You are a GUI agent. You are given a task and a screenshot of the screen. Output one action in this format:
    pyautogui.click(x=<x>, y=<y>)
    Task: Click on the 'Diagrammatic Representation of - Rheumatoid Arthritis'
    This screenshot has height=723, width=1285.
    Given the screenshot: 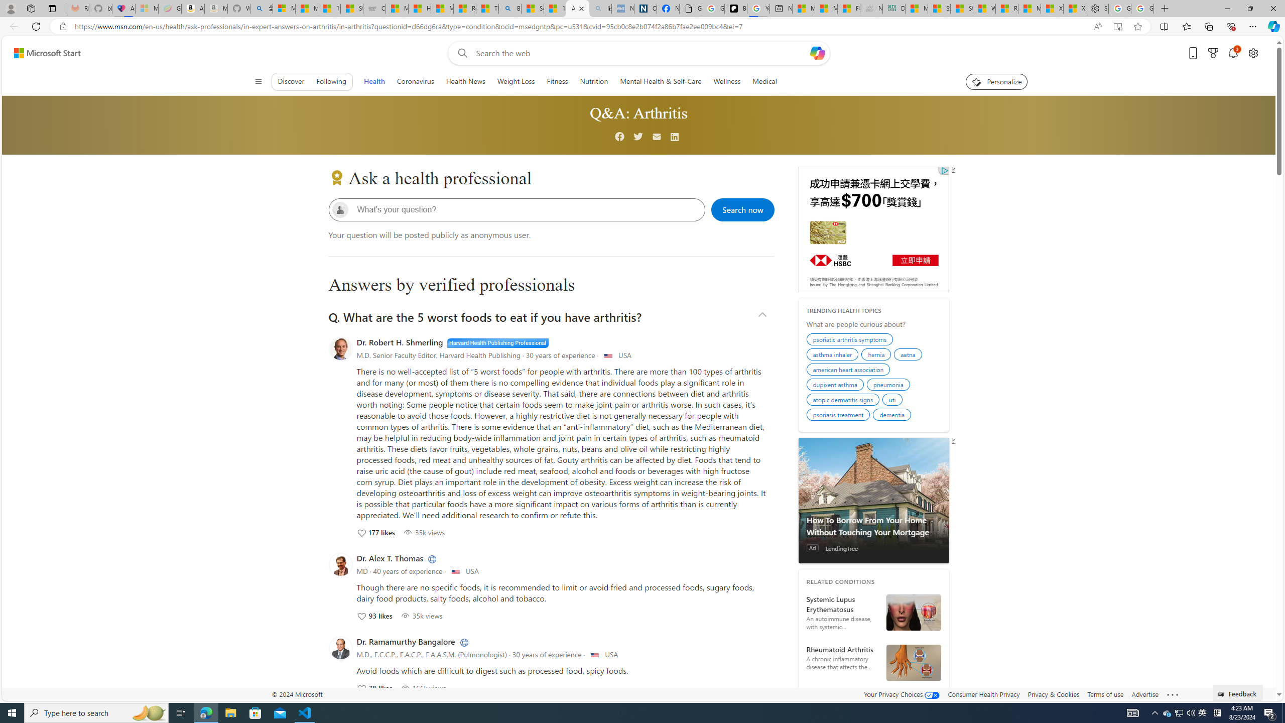 What is the action you would take?
    pyautogui.click(x=913, y=663)
    